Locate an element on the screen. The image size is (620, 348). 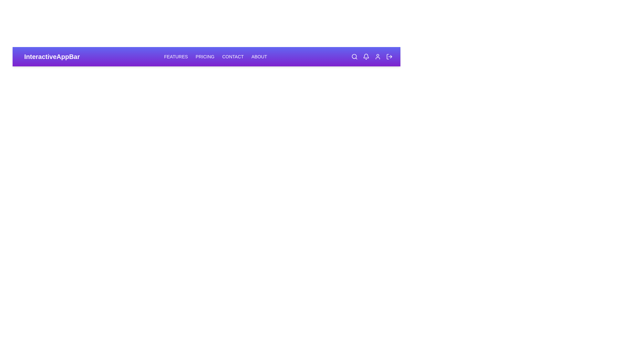
the 'Search' icon to initiate a search is located at coordinates (354, 56).